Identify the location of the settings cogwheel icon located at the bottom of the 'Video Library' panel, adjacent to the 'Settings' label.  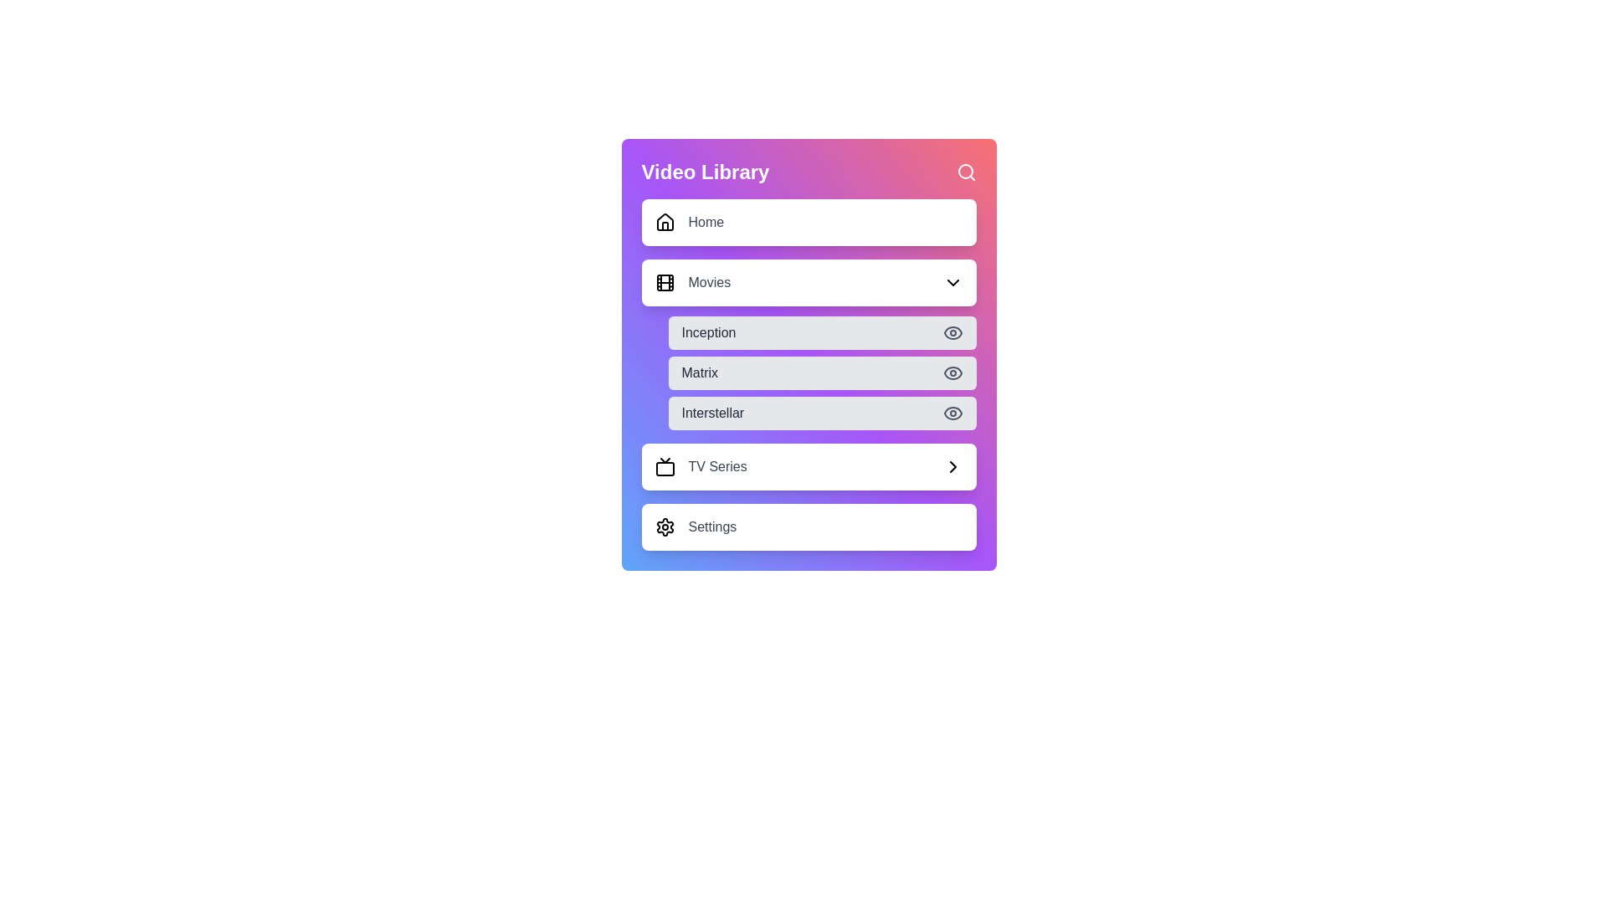
(664, 526).